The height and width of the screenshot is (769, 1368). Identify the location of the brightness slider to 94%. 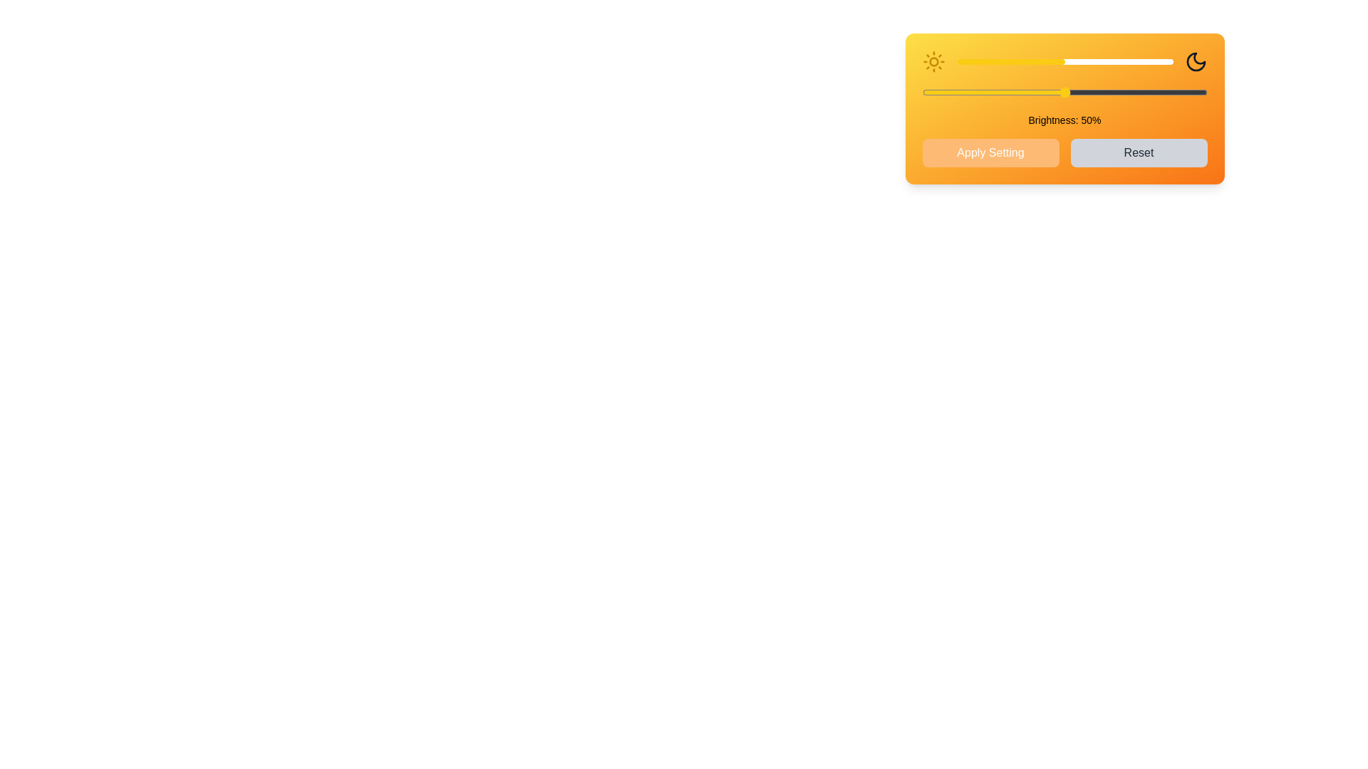
(1160, 61).